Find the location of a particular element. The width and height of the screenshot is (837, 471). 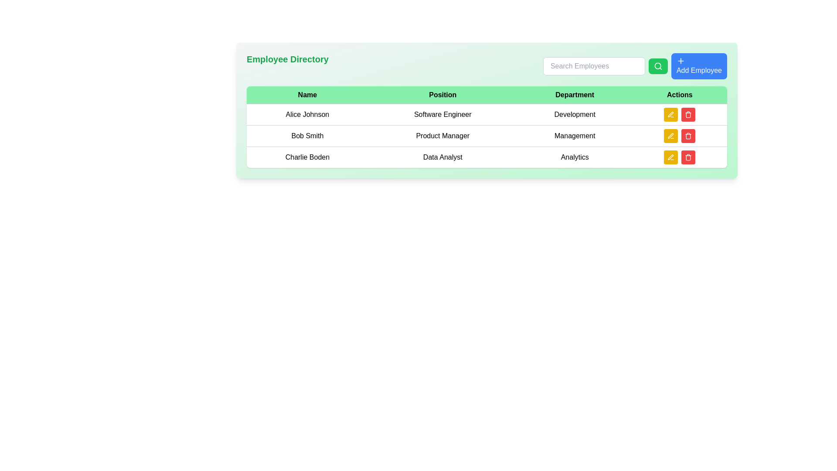

the 'Analytics' text label in the 'Department' column for 'Charlie Boden' in the table is located at coordinates (575, 157).